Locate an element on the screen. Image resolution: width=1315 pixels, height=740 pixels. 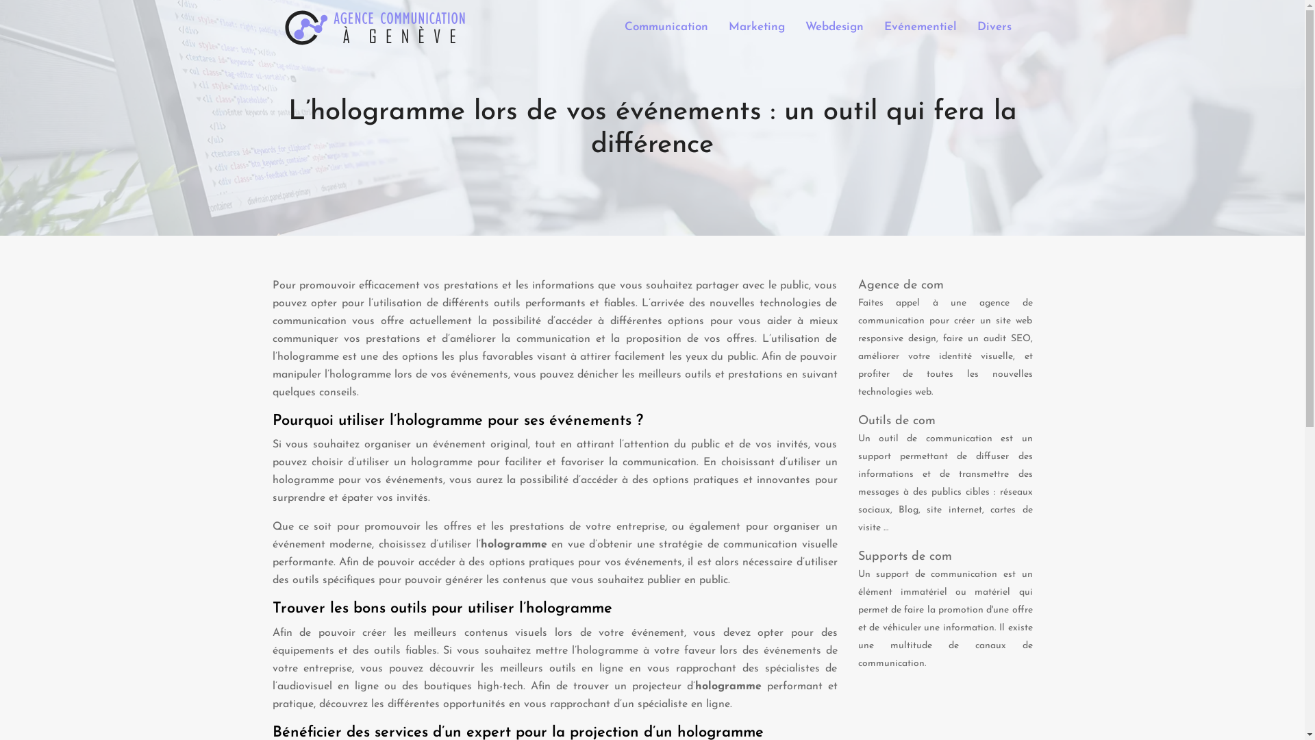
'Marketing' is located at coordinates (755, 27).